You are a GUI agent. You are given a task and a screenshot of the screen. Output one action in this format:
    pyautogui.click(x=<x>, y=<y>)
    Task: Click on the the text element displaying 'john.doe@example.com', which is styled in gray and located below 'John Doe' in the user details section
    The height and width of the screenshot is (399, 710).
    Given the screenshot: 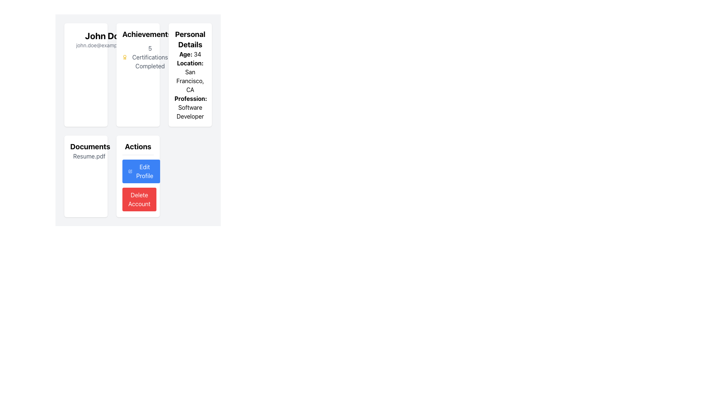 What is the action you would take?
    pyautogui.click(x=104, y=45)
    